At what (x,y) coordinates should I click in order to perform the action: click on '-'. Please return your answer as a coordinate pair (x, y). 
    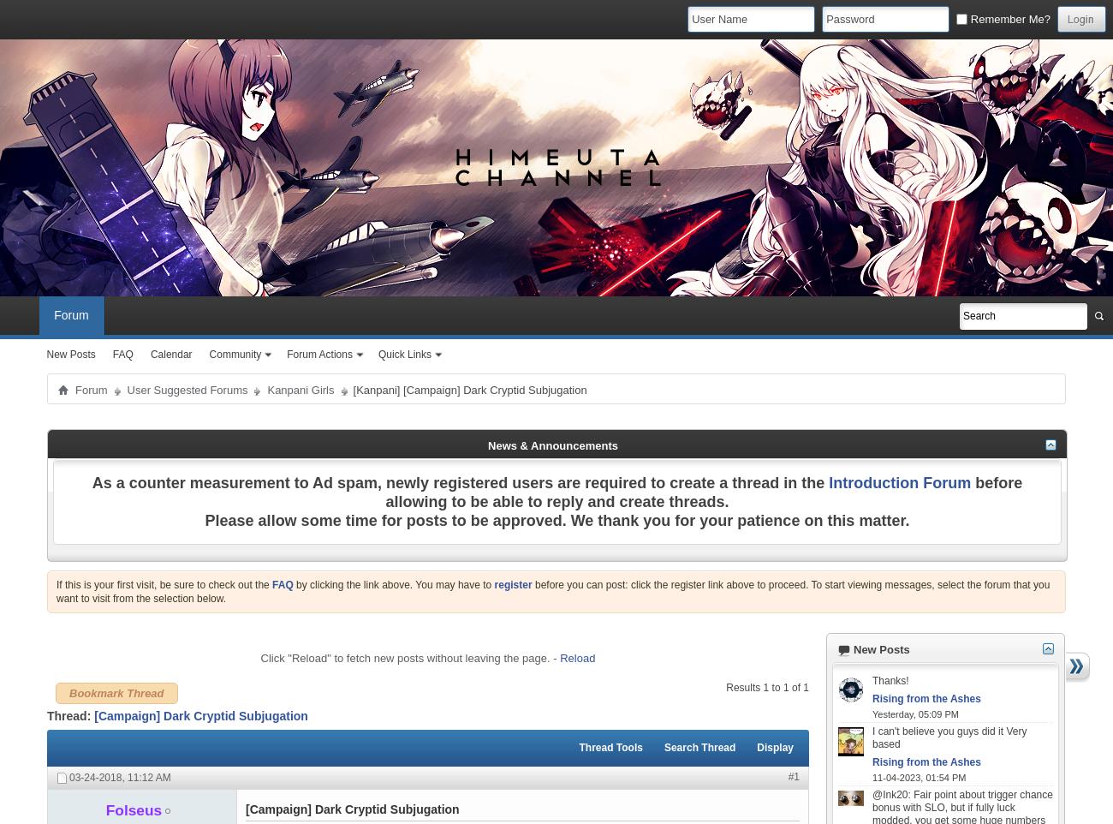
    Looking at the image, I should click on (556, 658).